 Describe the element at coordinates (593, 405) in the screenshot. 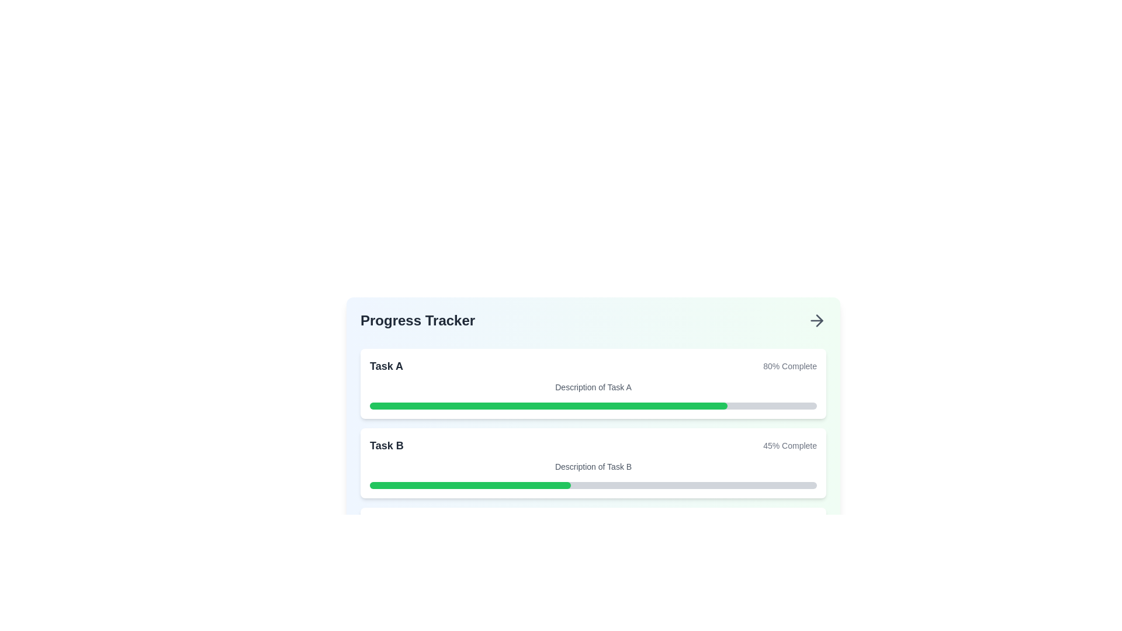

I see `the horizontal progress bar indicating 80% progress, located below 'Description of Task A' and within the 'Task A 80% Complete' card` at that location.